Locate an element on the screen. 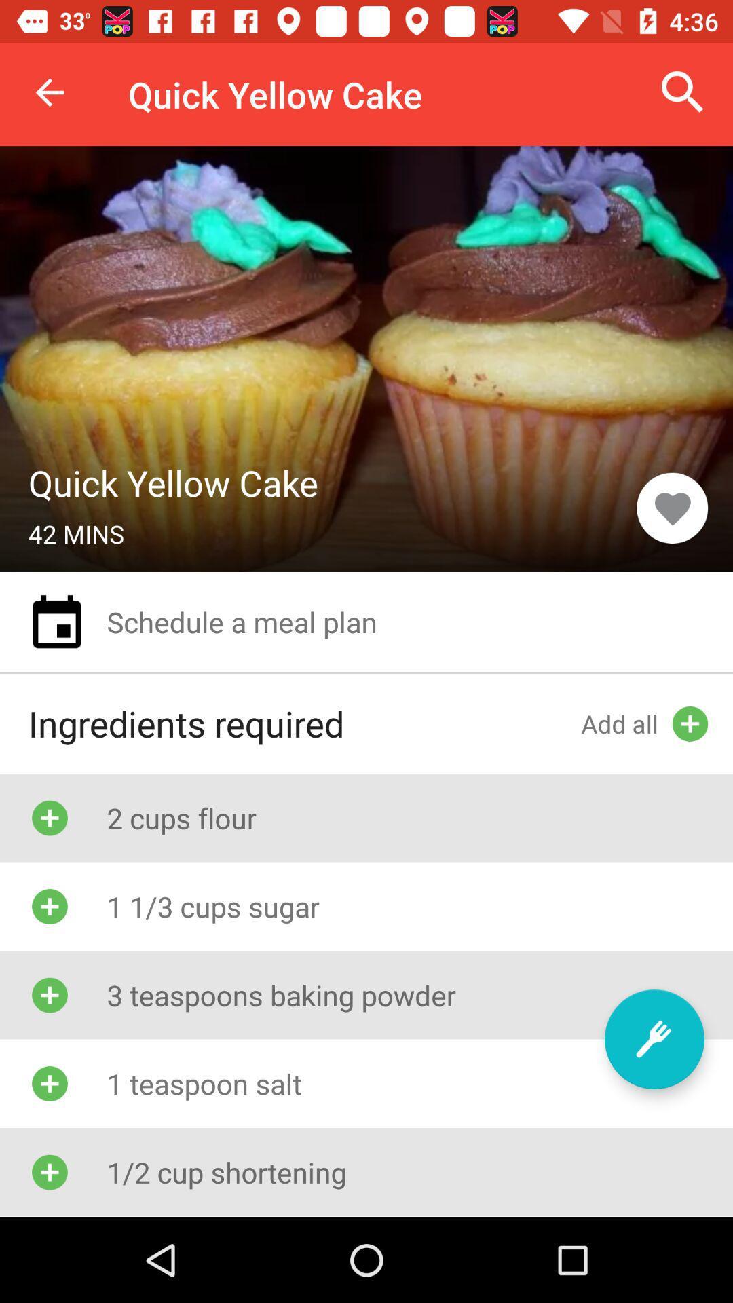 Image resolution: width=733 pixels, height=1303 pixels. the edit icon is located at coordinates (654, 1038).